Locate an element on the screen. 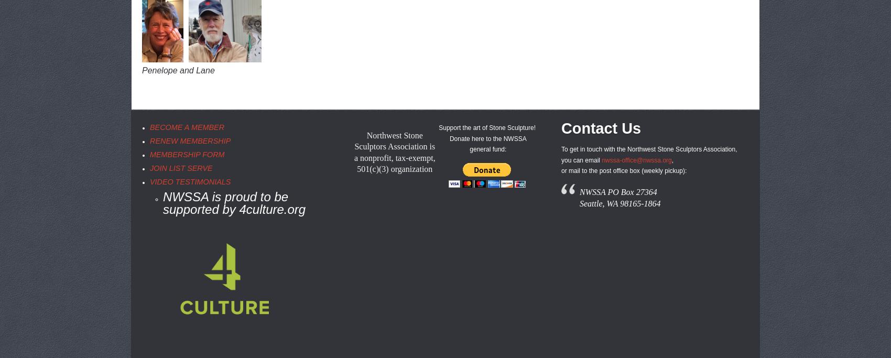 The image size is (891, 358). 'MEMBERSHIP FORM' is located at coordinates (187, 154).